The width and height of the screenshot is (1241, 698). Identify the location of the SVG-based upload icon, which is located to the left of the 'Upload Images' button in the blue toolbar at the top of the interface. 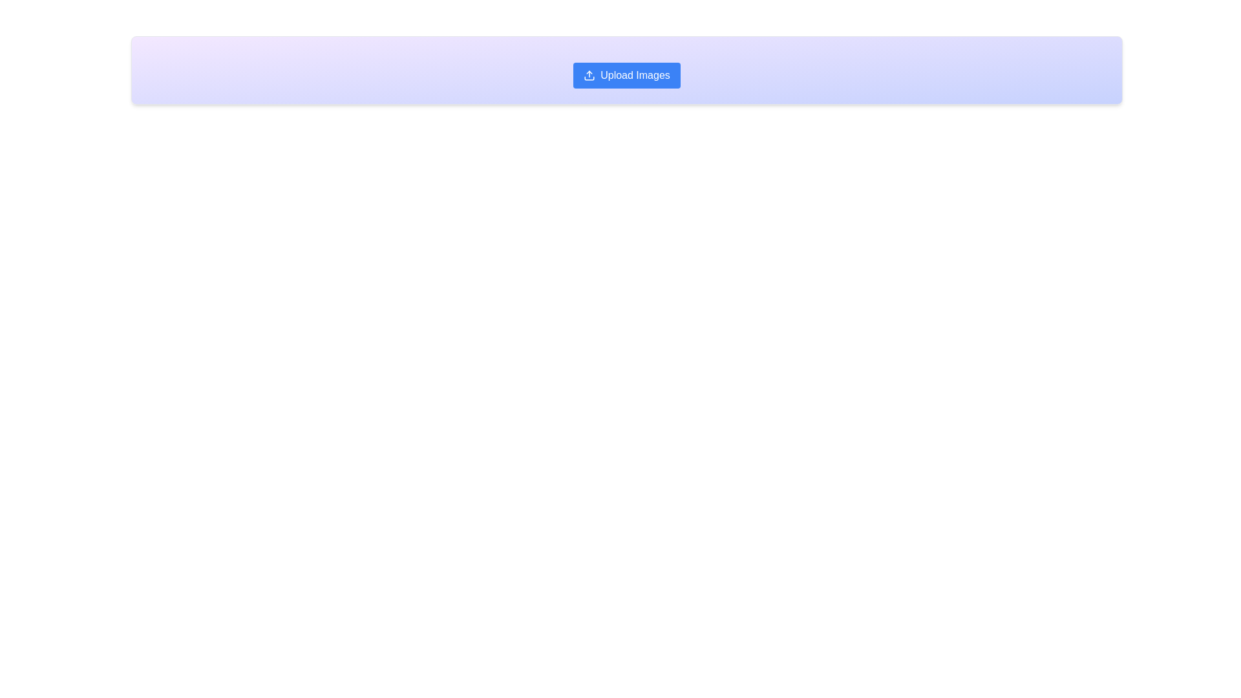
(589, 75).